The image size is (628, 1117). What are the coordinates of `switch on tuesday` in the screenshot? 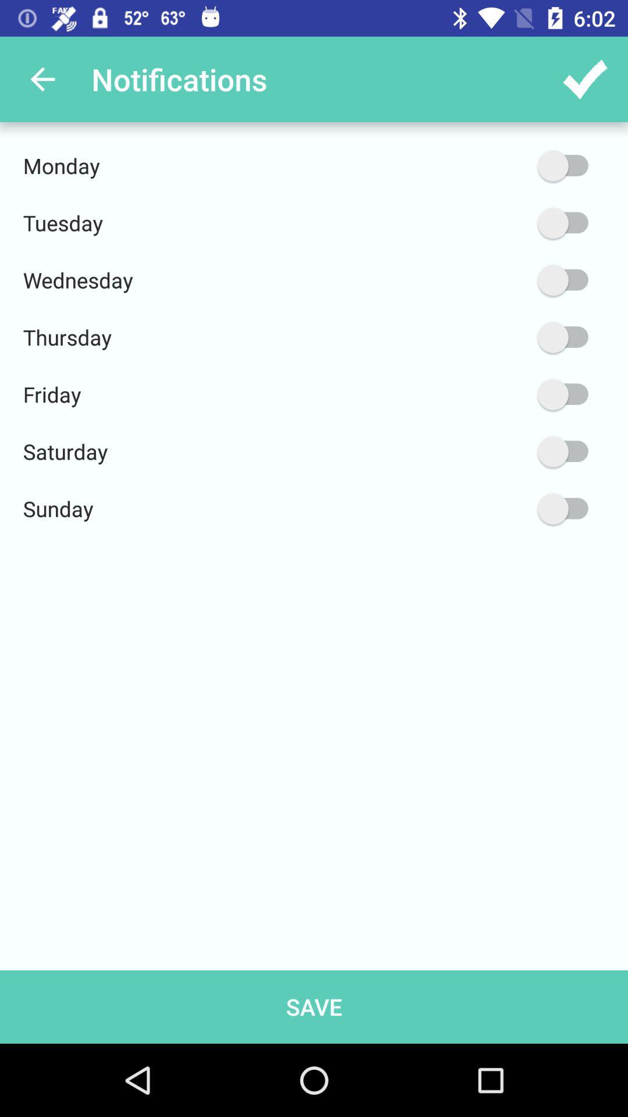 It's located at (507, 223).